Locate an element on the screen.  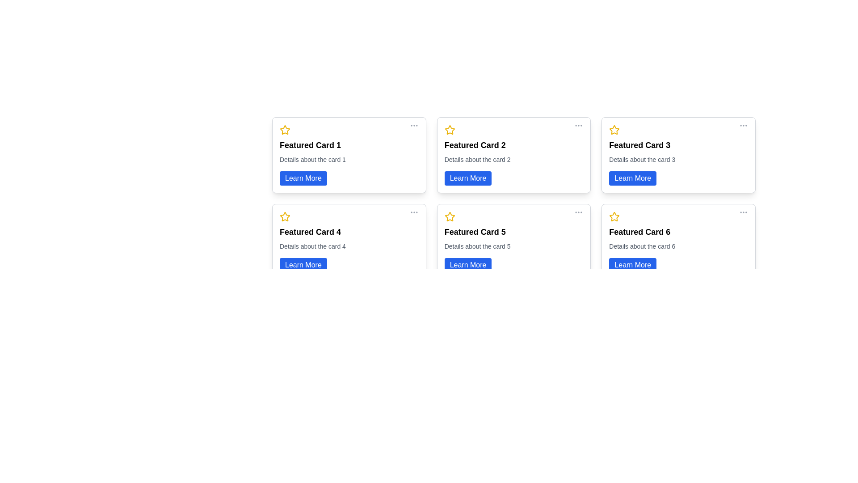
the button located at the bottom of 'Featured Card 5' in the grid layout is located at coordinates (467, 265).